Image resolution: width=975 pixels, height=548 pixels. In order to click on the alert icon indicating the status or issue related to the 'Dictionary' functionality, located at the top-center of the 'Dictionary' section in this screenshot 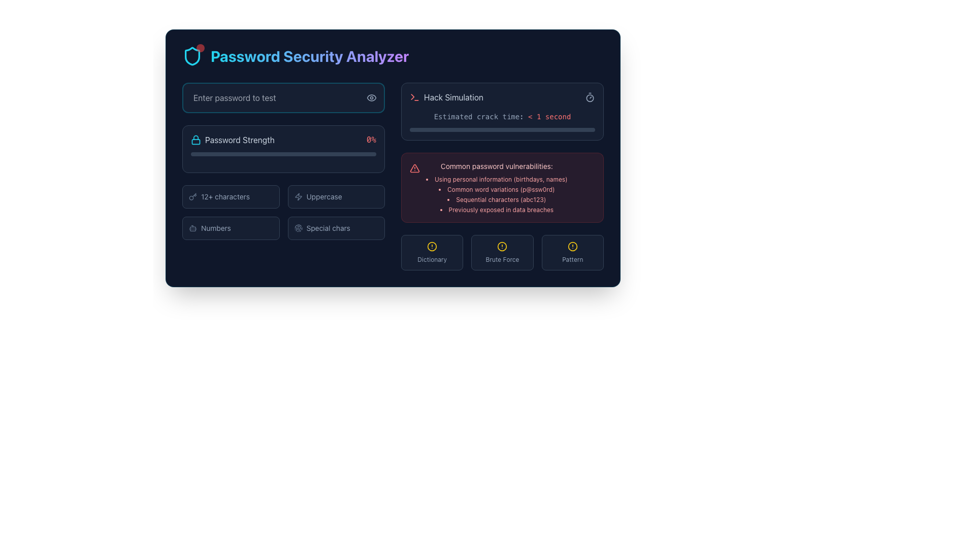, I will do `click(432, 247)`.